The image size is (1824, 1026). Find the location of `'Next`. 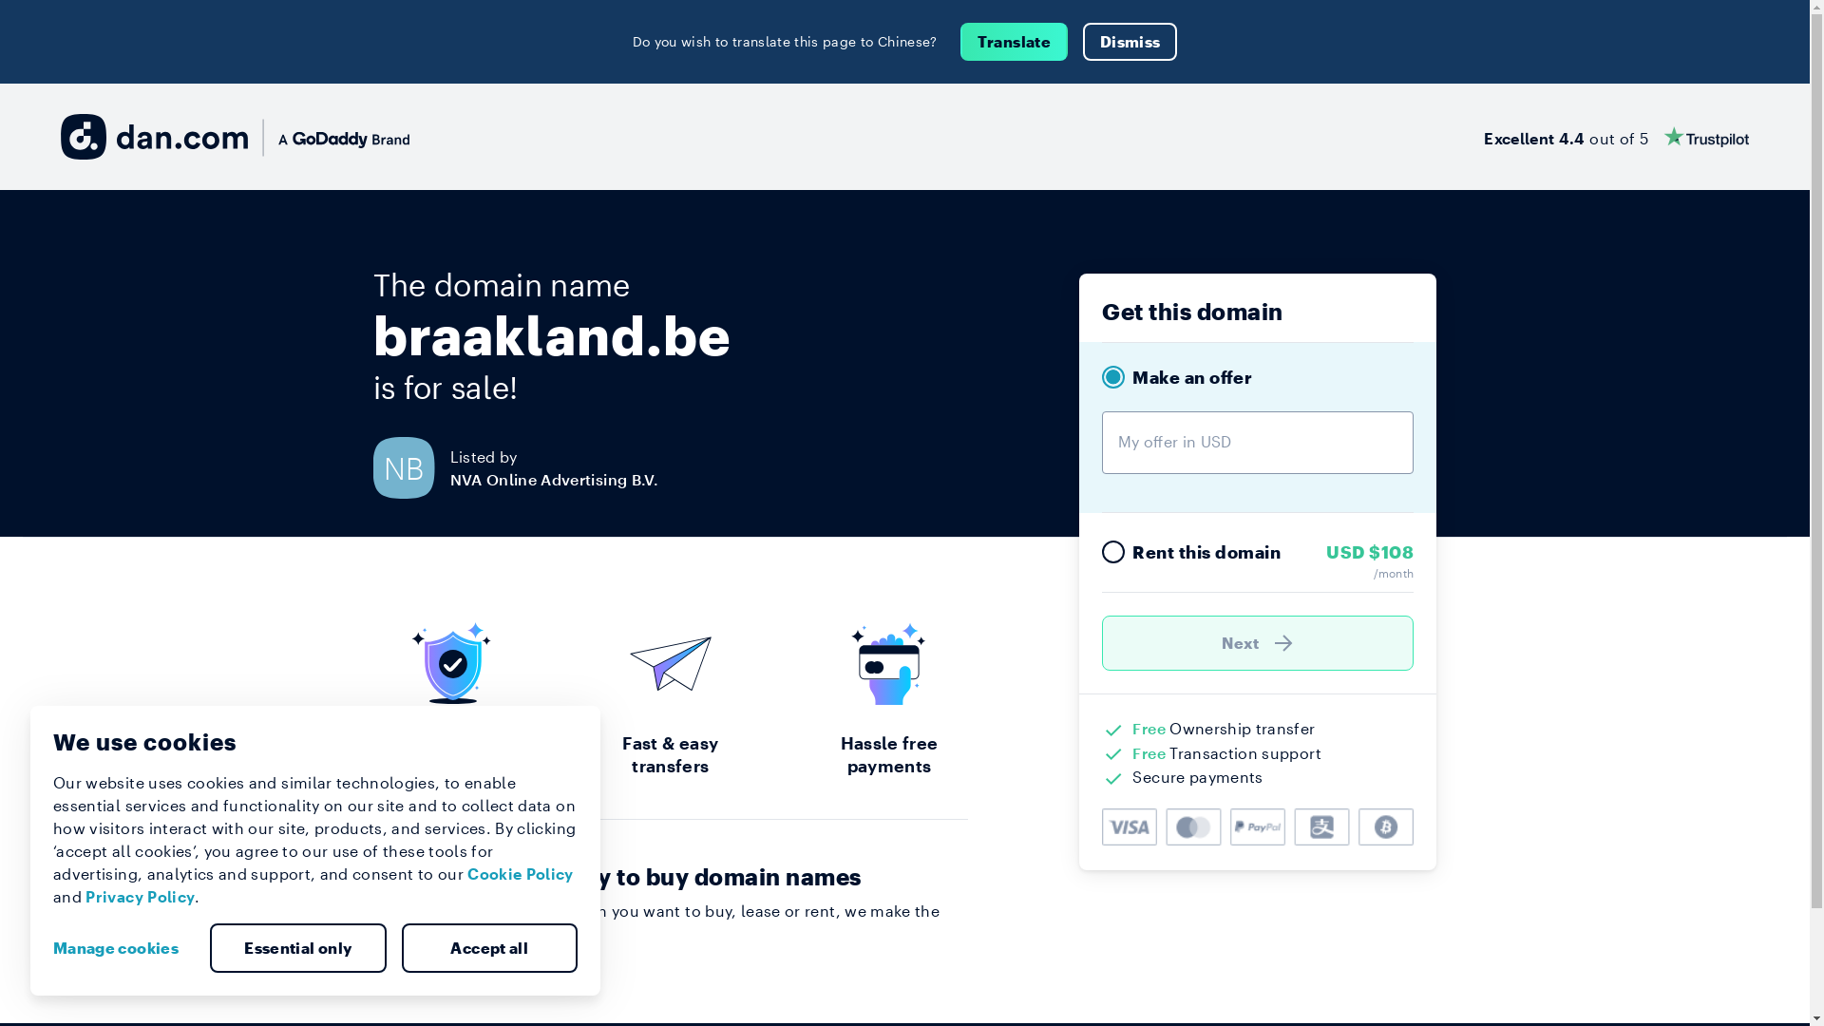

'Next is located at coordinates (1258, 642).